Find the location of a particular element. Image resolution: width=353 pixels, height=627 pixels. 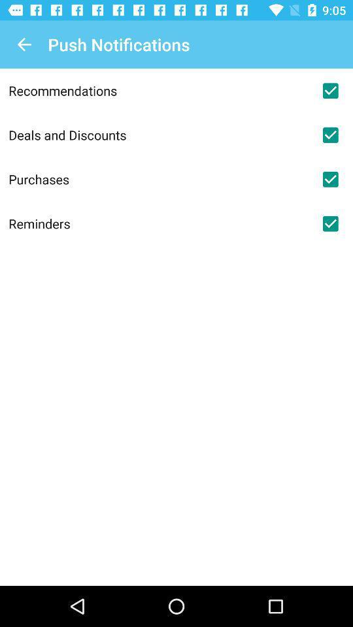

check deals and discounts is located at coordinates (329, 135).